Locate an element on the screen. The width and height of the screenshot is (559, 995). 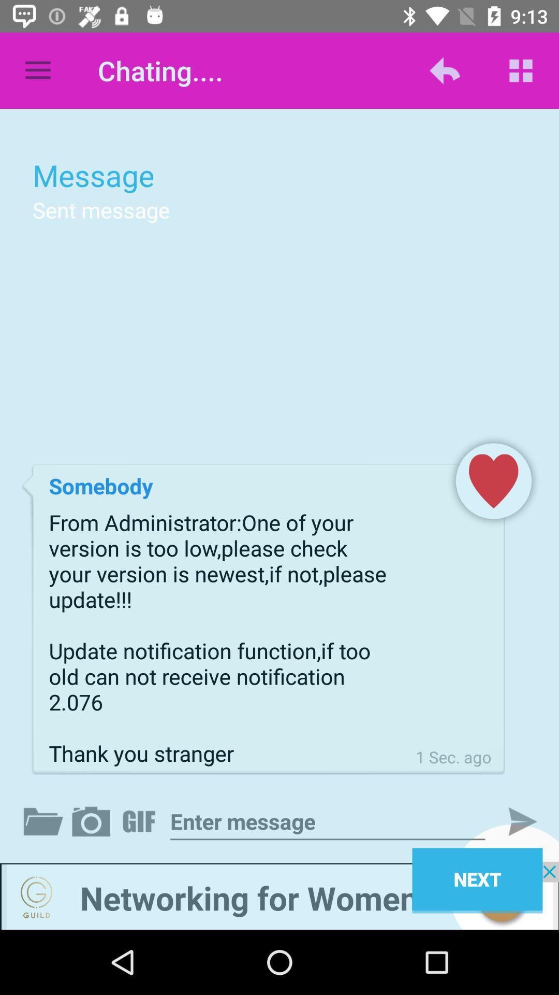
message is located at coordinates (328, 821).